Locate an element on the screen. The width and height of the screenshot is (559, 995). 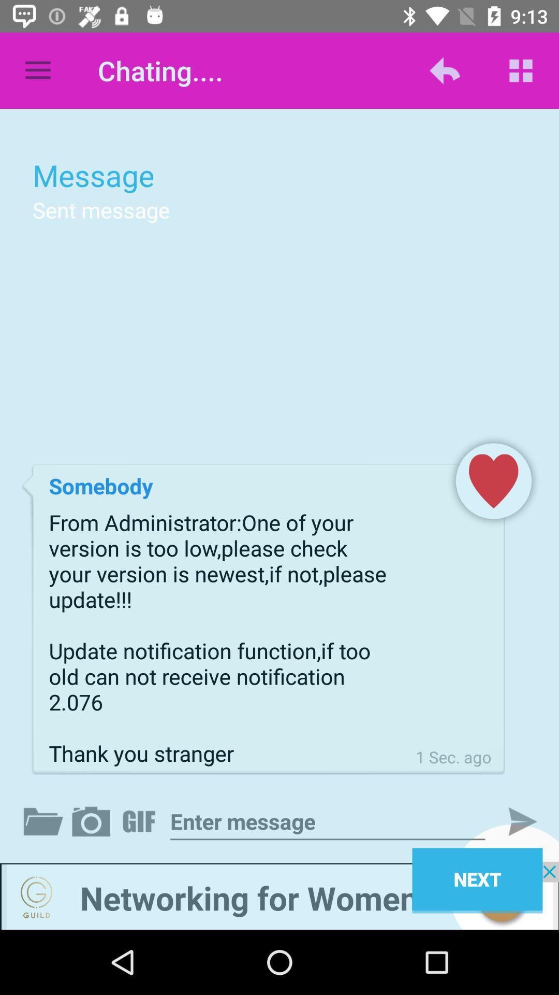
message is located at coordinates (328, 821).